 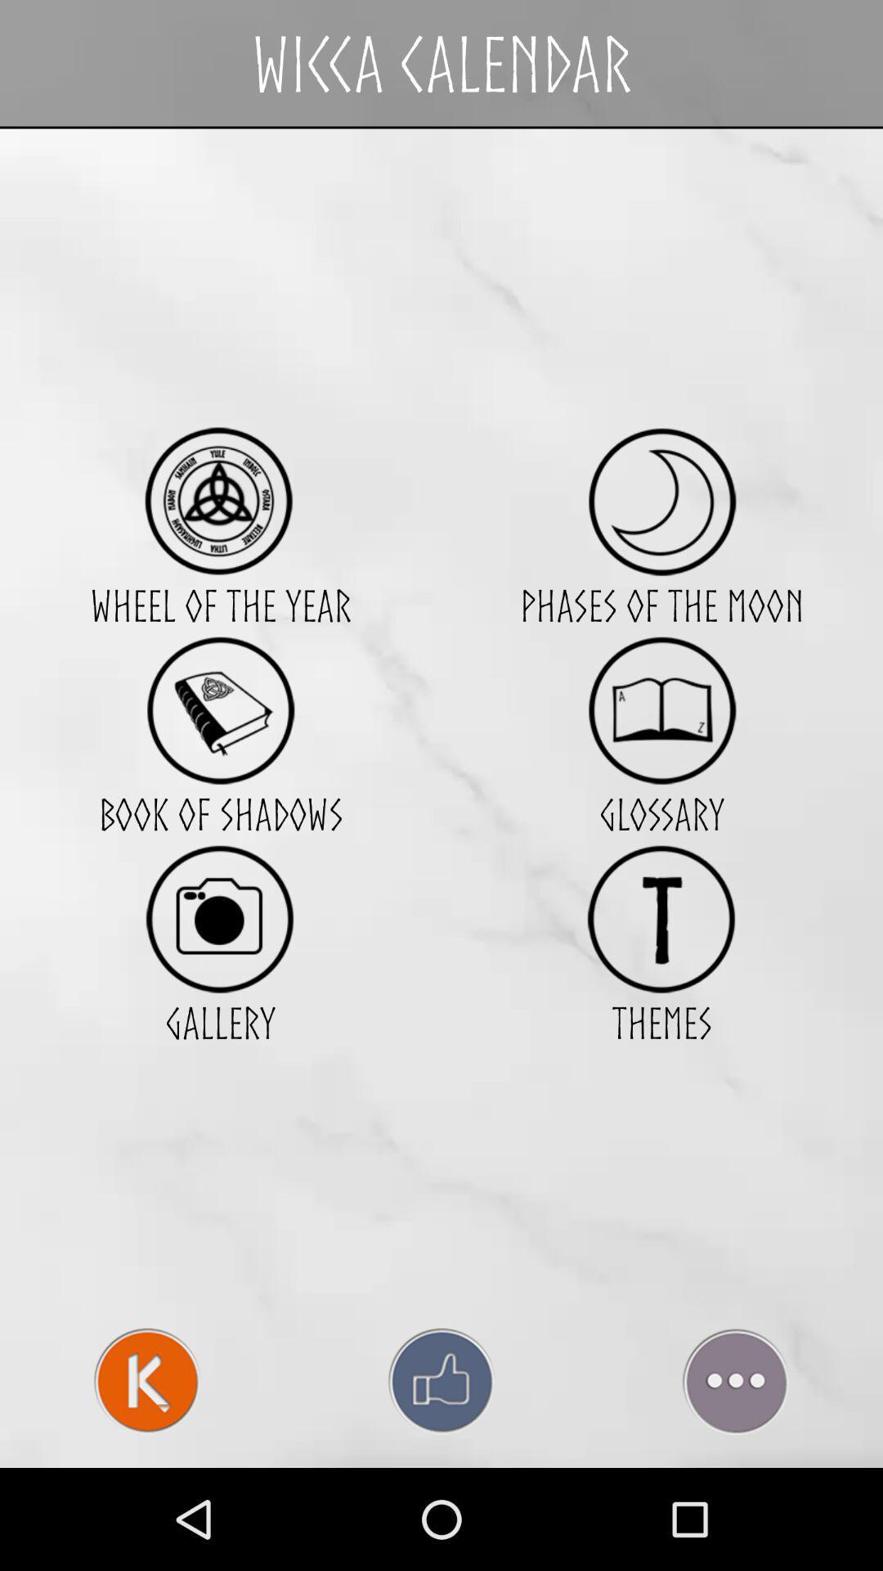 What do you see at coordinates (219, 759) in the screenshot?
I see `the book icon` at bounding box center [219, 759].